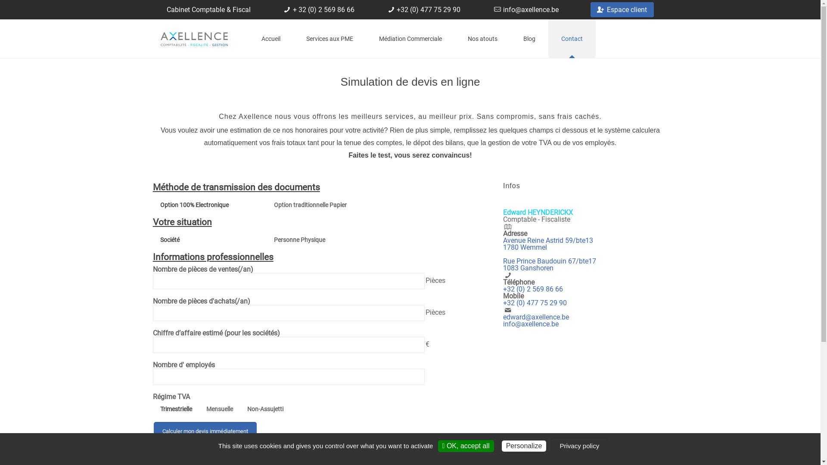 This screenshot has width=827, height=465. What do you see at coordinates (428, 9) in the screenshot?
I see `'+32 (0) 477 75 29 90'` at bounding box center [428, 9].